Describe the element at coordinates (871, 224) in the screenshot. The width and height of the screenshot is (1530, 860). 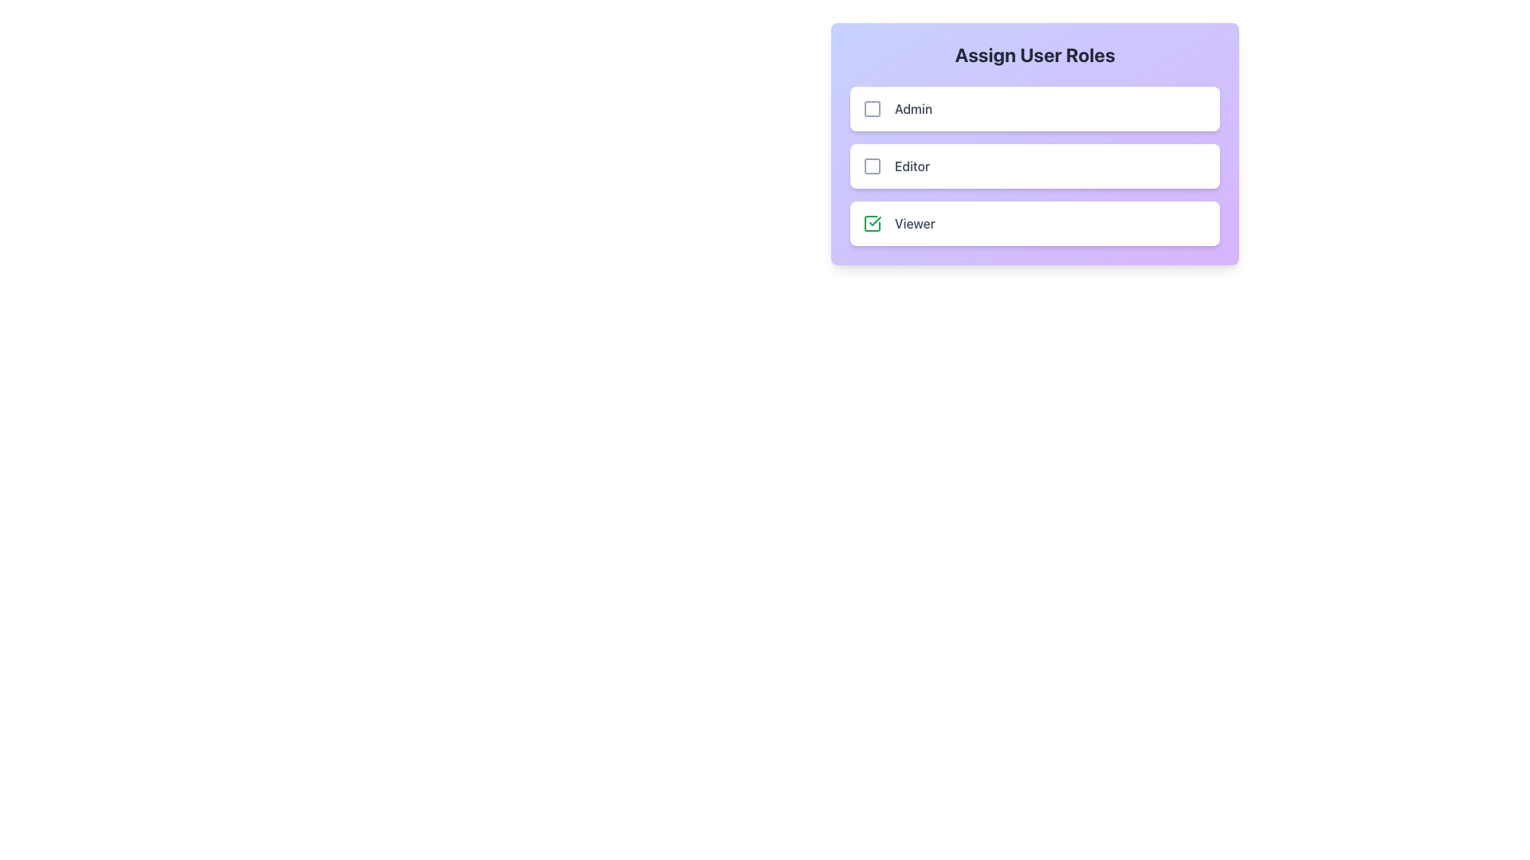
I see `the green checkmark checkbox at the beginning of the 'Viewer' row in the 'Assign User Roles' section` at that location.